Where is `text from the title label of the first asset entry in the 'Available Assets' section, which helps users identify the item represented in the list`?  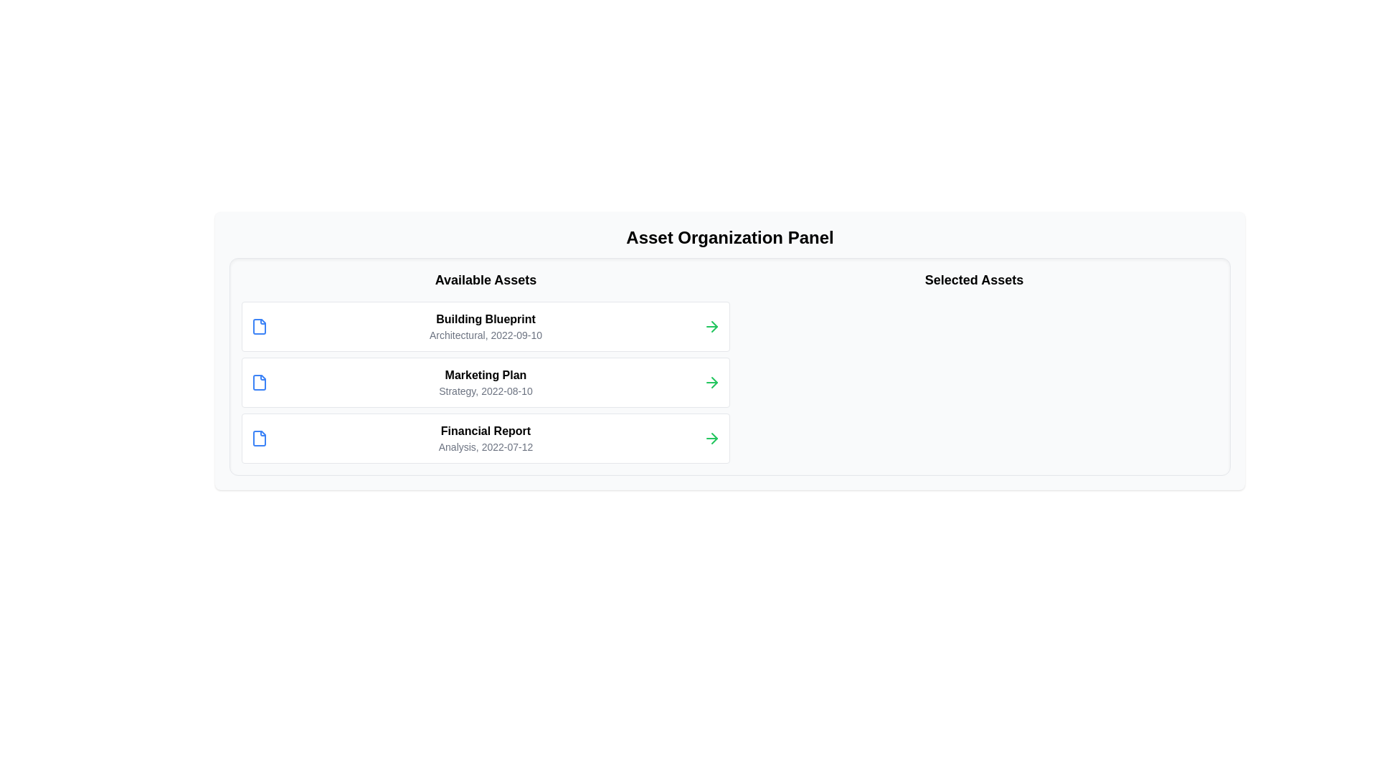
text from the title label of the first asset entry in the 'Available Assets' section, which helps users identify the item represented in the list is located at coordinates (486, 319).